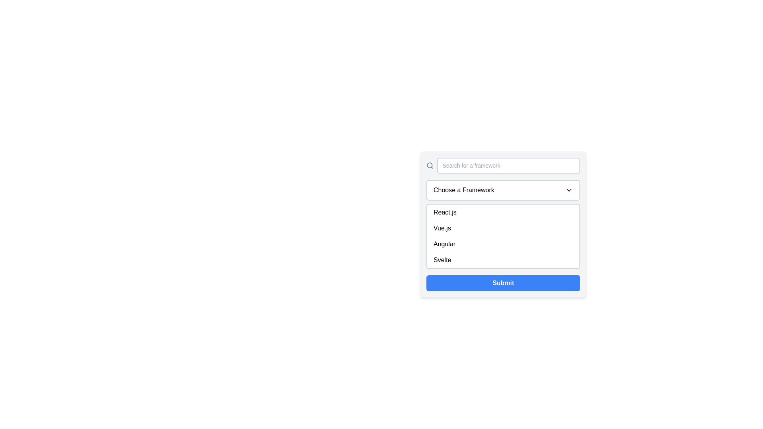  Describe the element at coordinates (503, 283) in the screenshot. I see `the blue rectangular 'Submit' button with rounded corners at the bottom of the card layout` at that location.